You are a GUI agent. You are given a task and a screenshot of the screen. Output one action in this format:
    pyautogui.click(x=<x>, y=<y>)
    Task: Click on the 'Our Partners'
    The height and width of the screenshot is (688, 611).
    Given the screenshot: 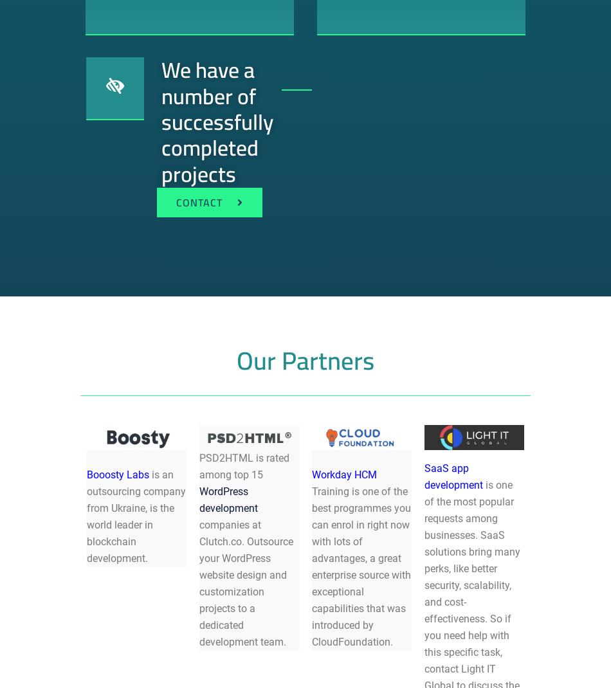 What is the action you would take?
    pyautogui.click(x=305, y=359)
    